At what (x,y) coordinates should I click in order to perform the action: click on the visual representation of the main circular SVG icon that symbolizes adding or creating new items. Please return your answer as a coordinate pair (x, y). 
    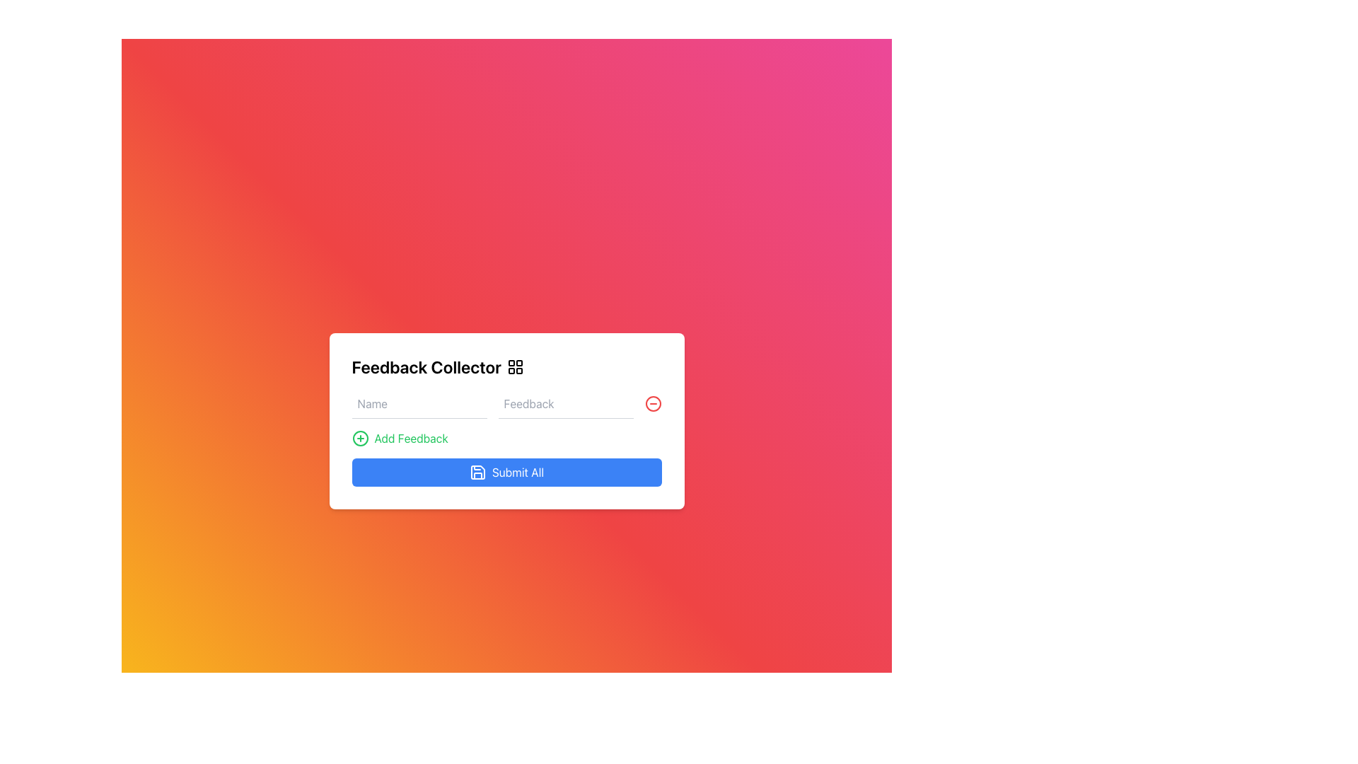
    Looking at the image, I should click on (360, 437).